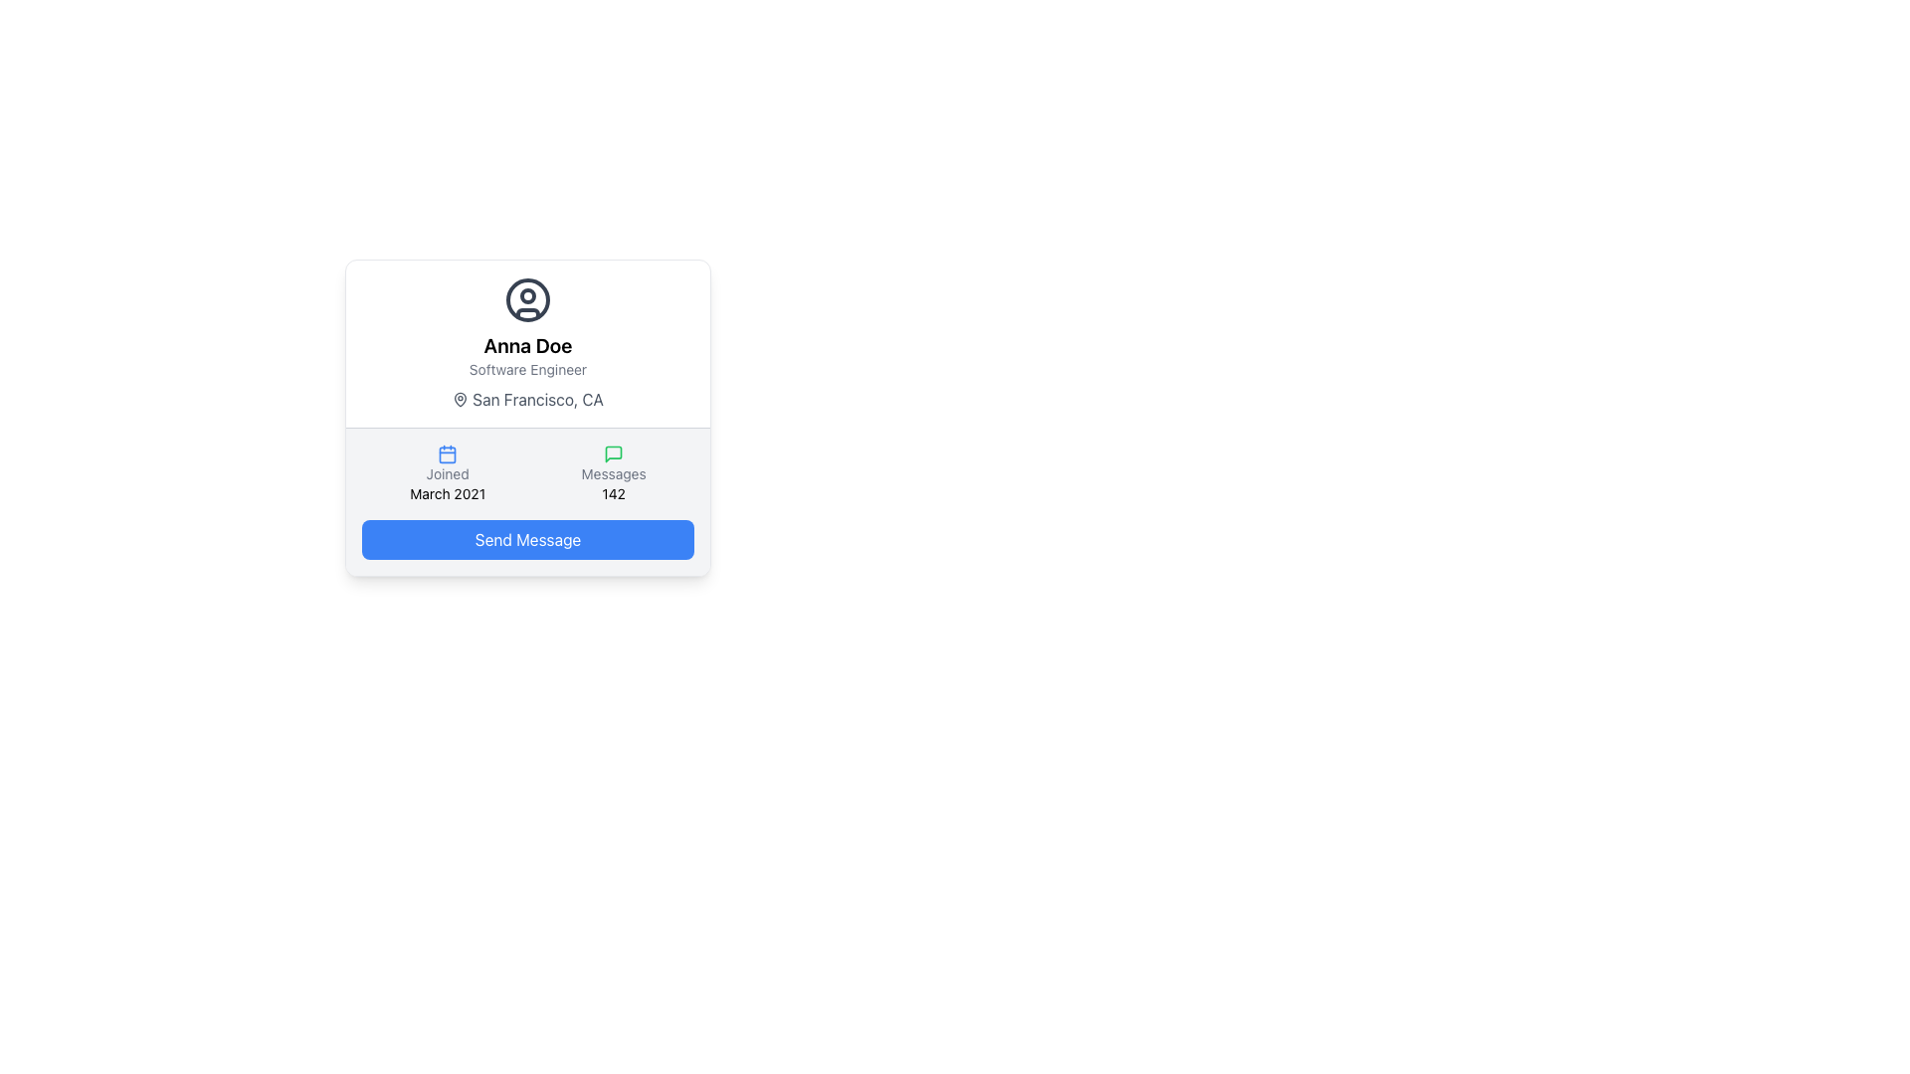 The image size is (1910, 1074). Describe the element at coordinates (447, 474) in the screenshot. I see `the informational text group that includes a blue calendar icon, with the text 'Joined' in gray and 'March 2021' in black, located in the lower section of the panel` at that location.